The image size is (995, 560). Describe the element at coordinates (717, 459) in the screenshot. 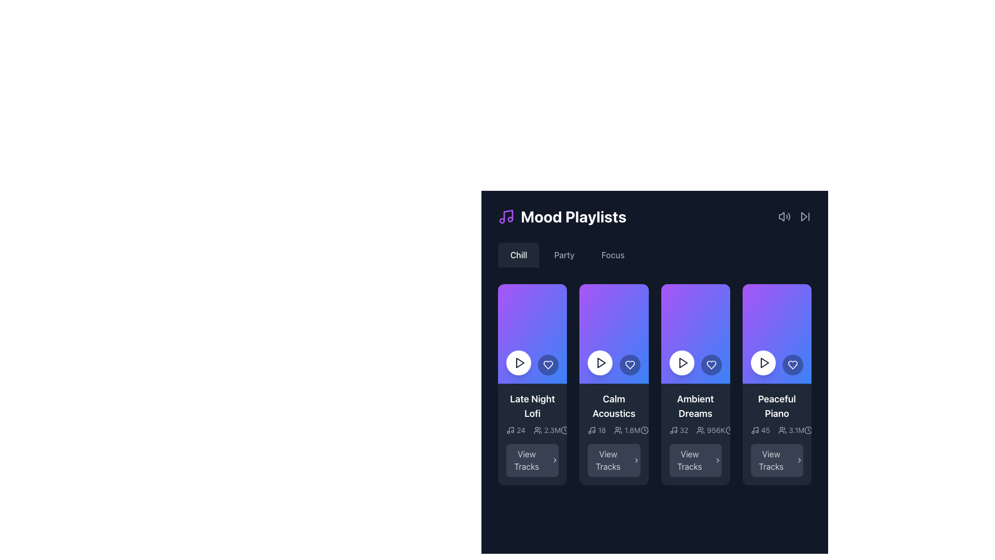

I see `the chevron icon located to the right of the 'View Tracks' button in the fourth card under the 'Mood Playlists' section` at that location.